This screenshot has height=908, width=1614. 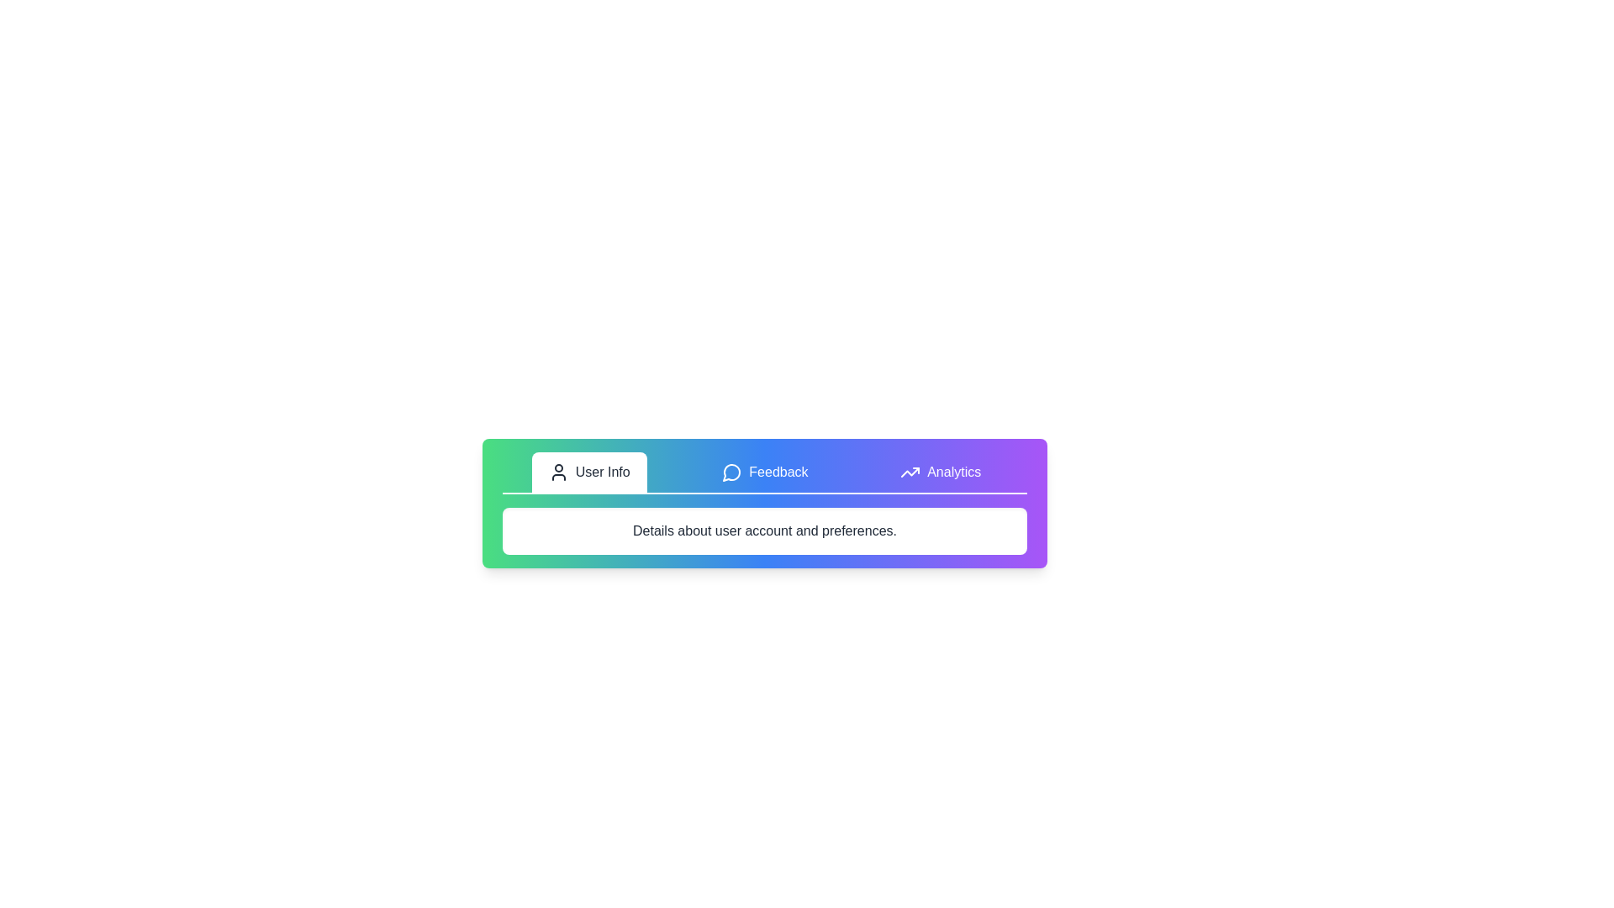 I want to click on the Feedback tab by clicking its navigation button, so click(x=764, y=472).